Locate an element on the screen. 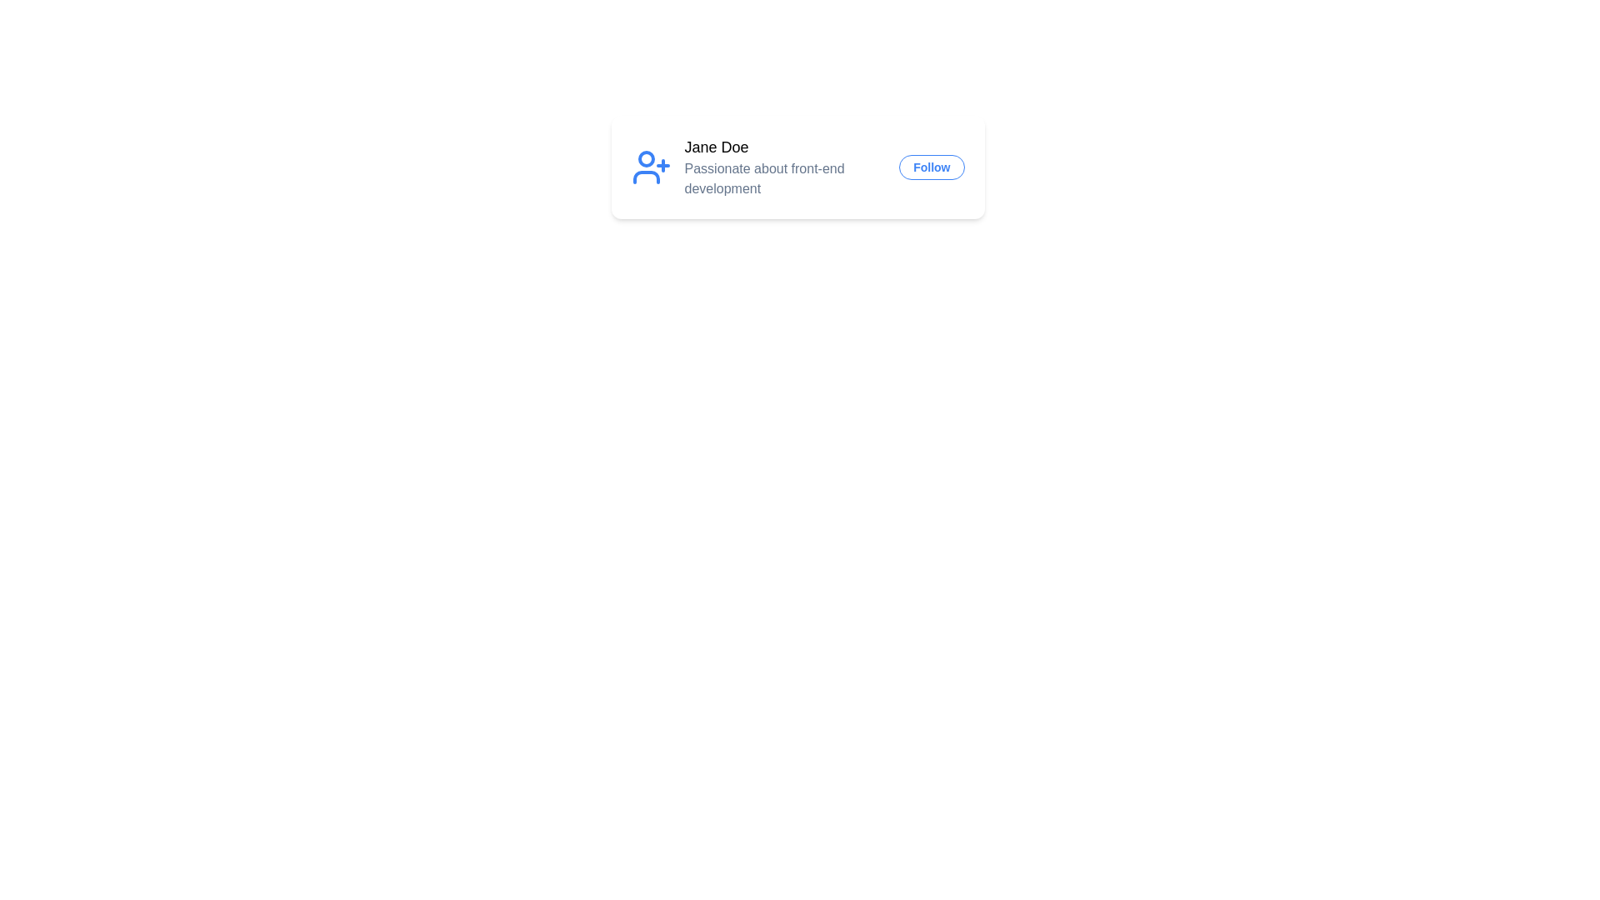 The image size is (1600, 900). text content of the smaller slate-gray label that reads 'Passionate about front-end development', positioned below the bold 'Jane Doe' label is located at coordinates (784, 179).